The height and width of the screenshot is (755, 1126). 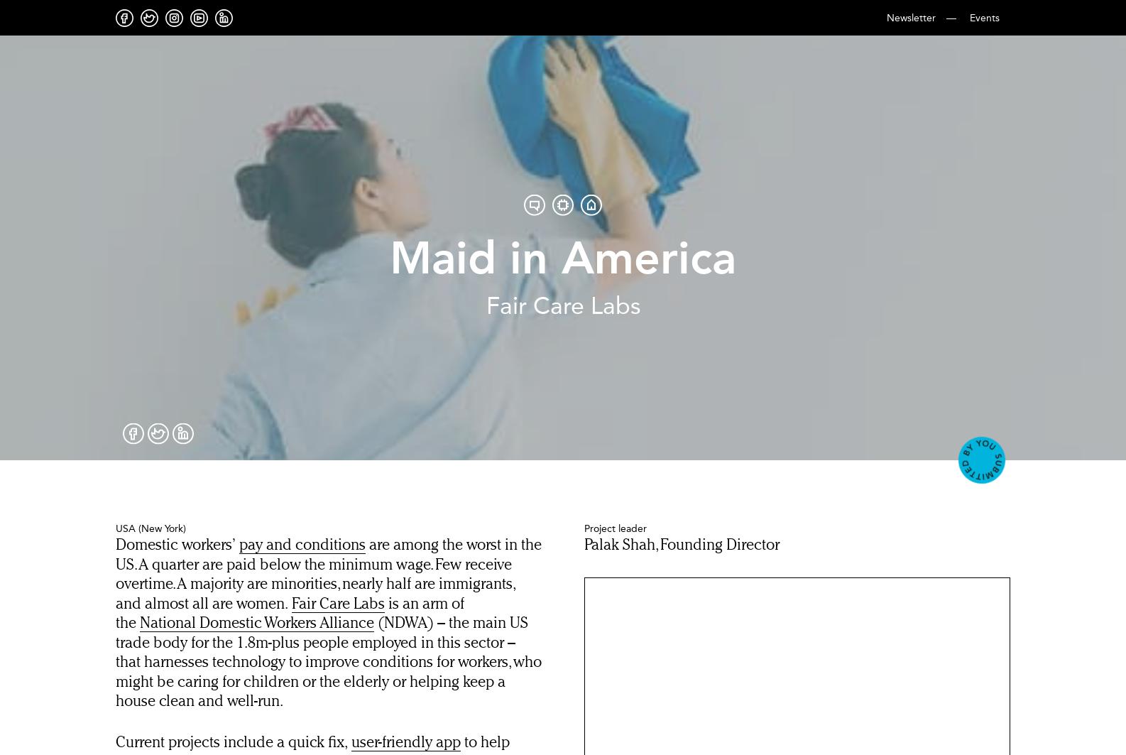 What do you see at coordinates (289, 613) in the screenshot?
I see `'is an arm of the'` at bounding box center [289, 613].